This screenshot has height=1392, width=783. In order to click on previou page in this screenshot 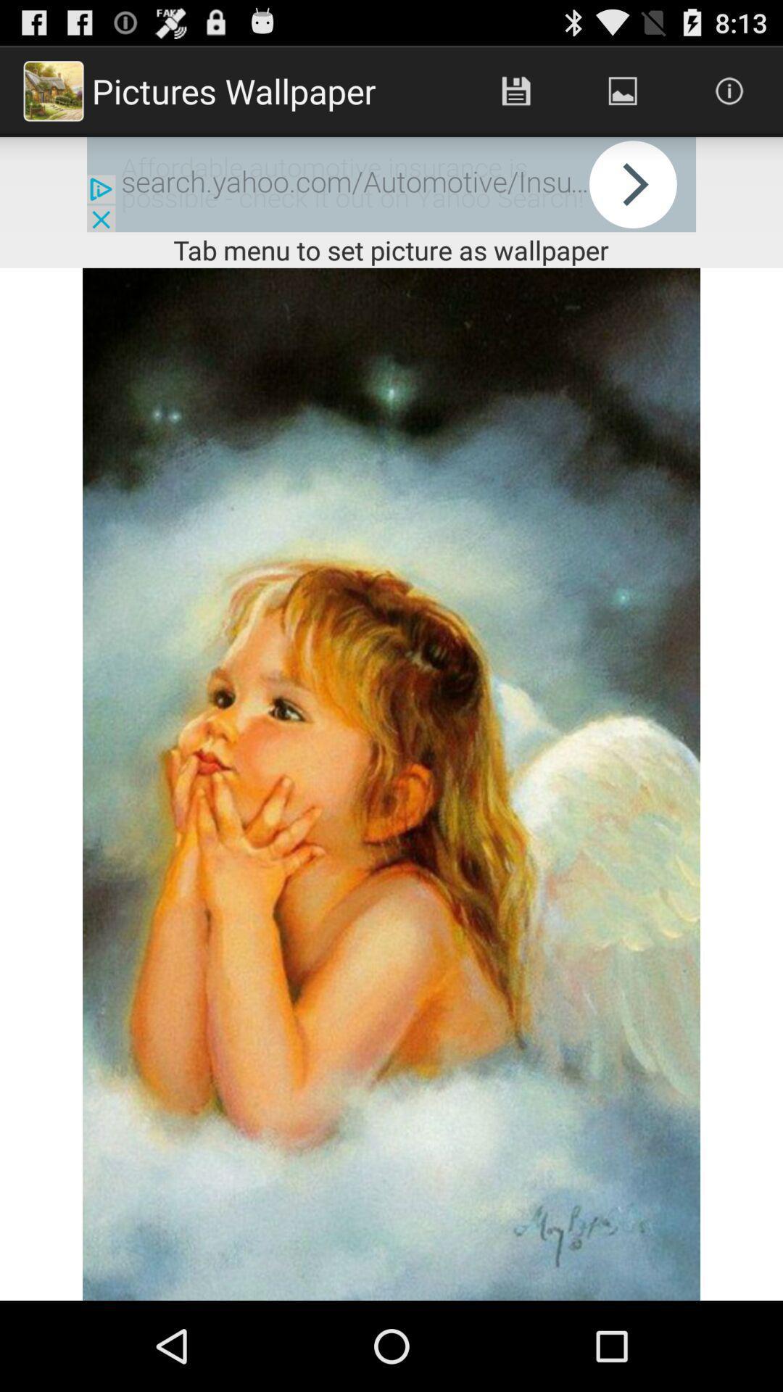, I will do `click(391, 183)`.